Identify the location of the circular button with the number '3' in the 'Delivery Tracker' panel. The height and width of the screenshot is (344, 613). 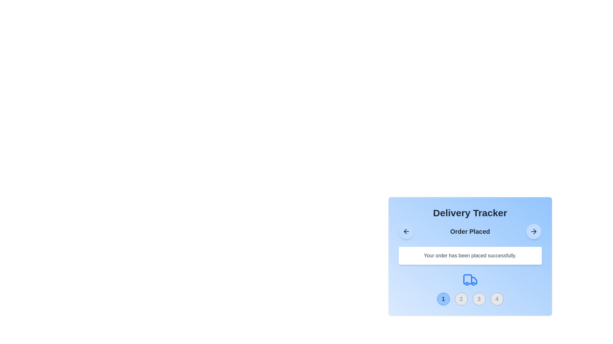
(479, 299).